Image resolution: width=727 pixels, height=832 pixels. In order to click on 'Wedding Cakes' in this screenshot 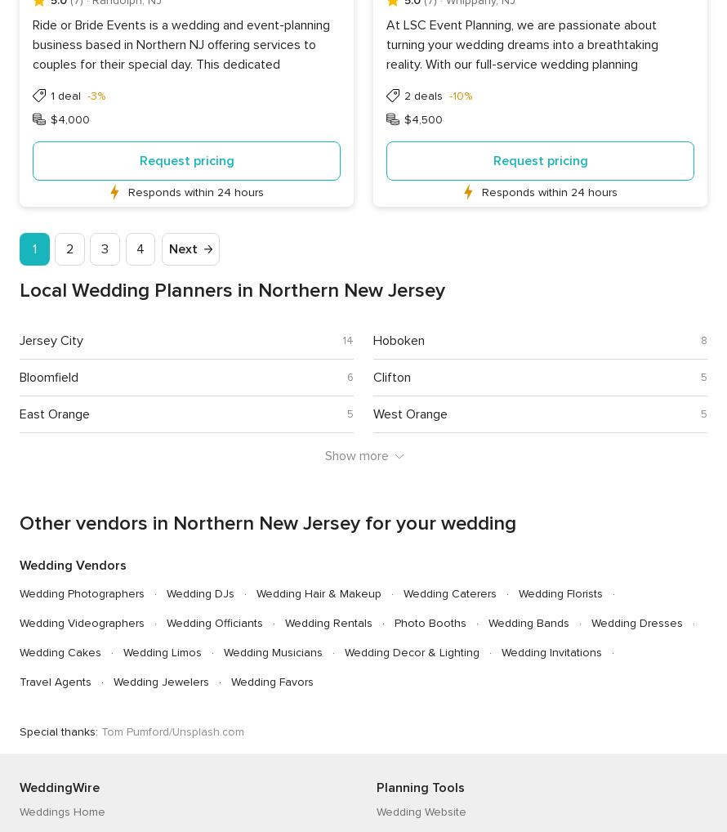, I will do `click(60, 651)`.